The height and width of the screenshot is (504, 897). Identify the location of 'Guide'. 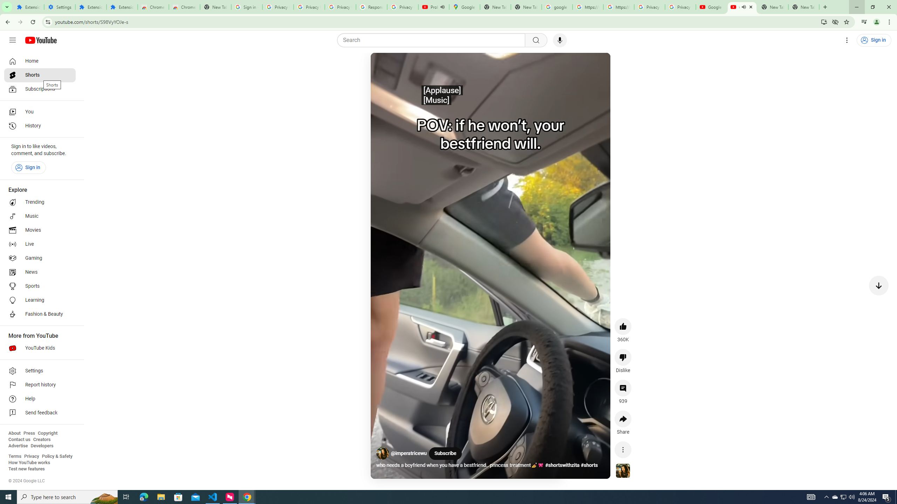
(12, 40).